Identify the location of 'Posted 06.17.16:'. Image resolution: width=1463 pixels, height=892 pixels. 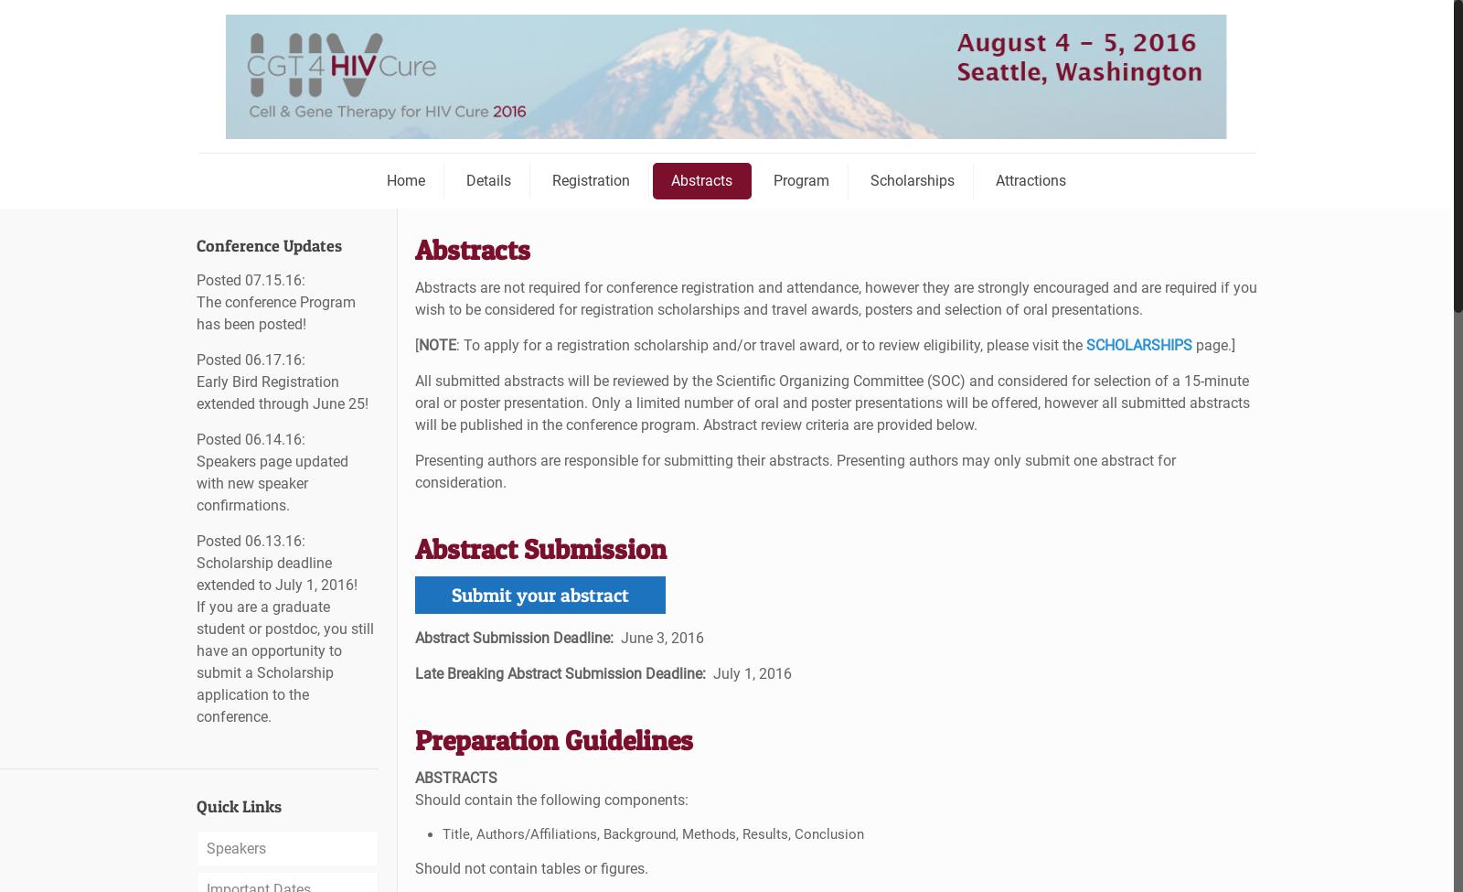
(251, 360).